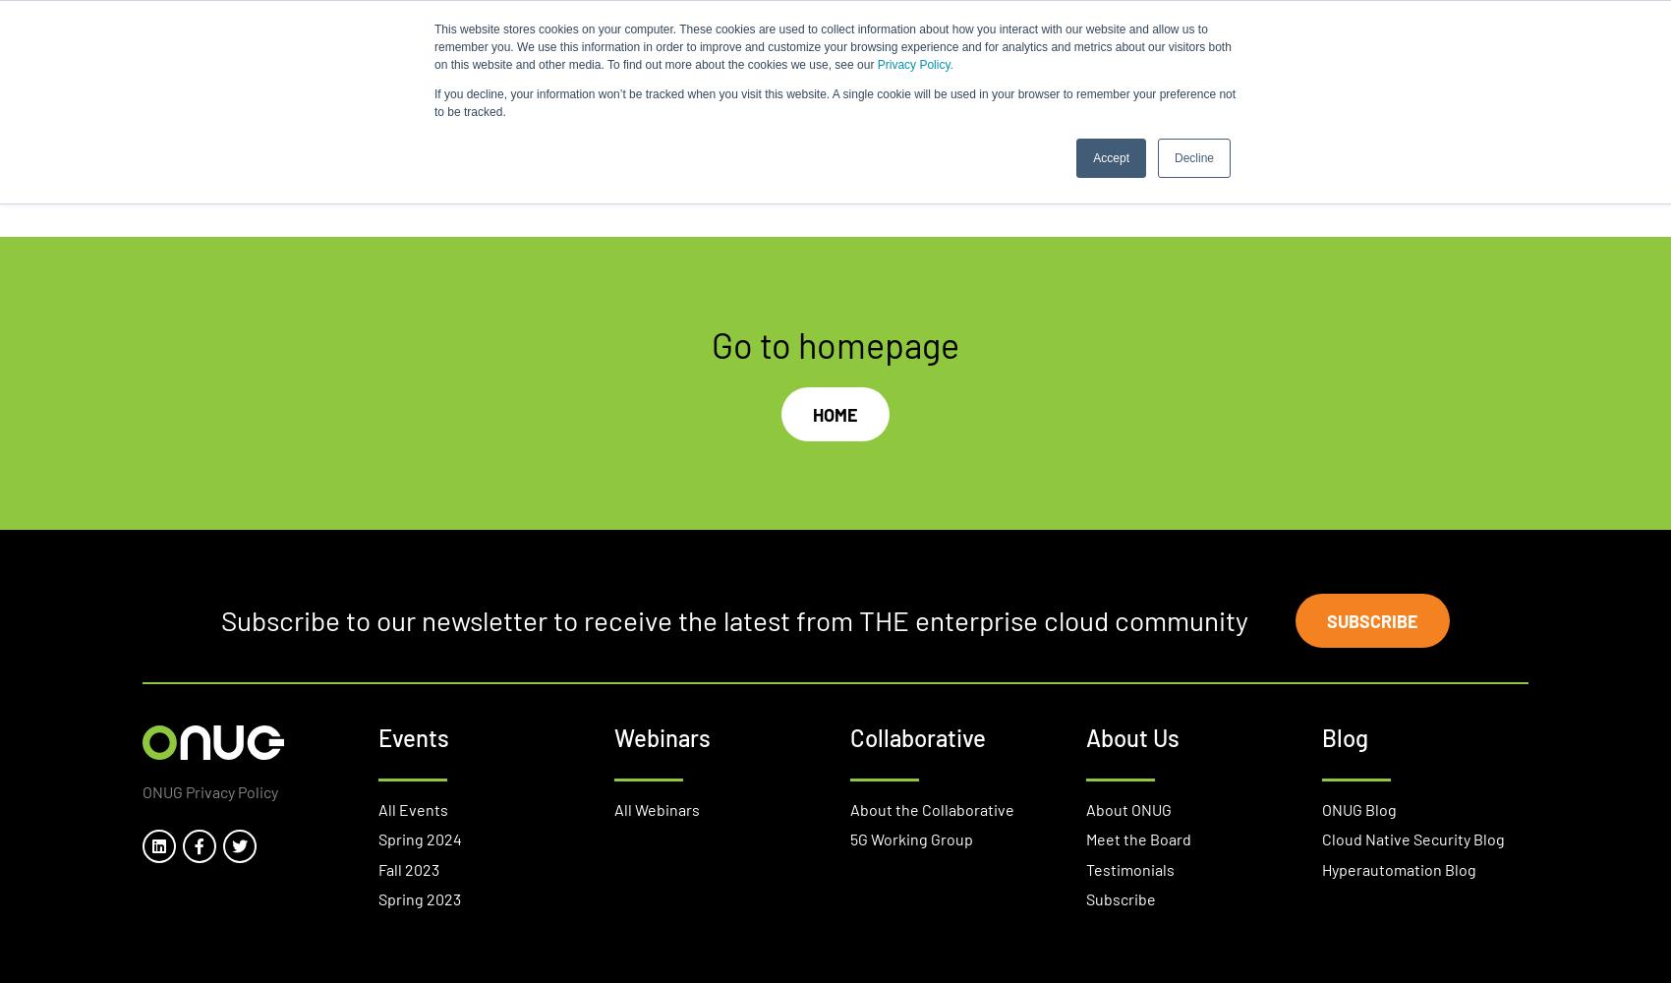 Image resolution: width=1671 pixels, height=983 pixels. What do you see at coordinates (1130, 868) in the screenshot?
I see `'Testimonials'` at bounding box center [1130, 868].